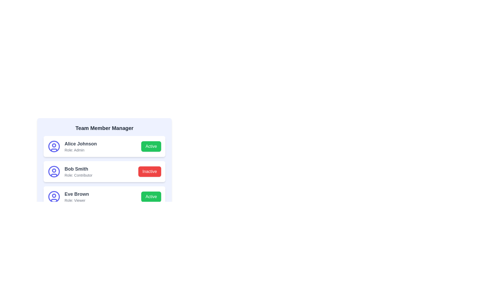 This screenshot has width=504, height=283. I want to click on the user profile element for 'Alice Johnson', which includes a circular avatar icon and the text details 'Alice Johnson' (bold) and 'Role: Admin' (smaller), so click(72, 146).